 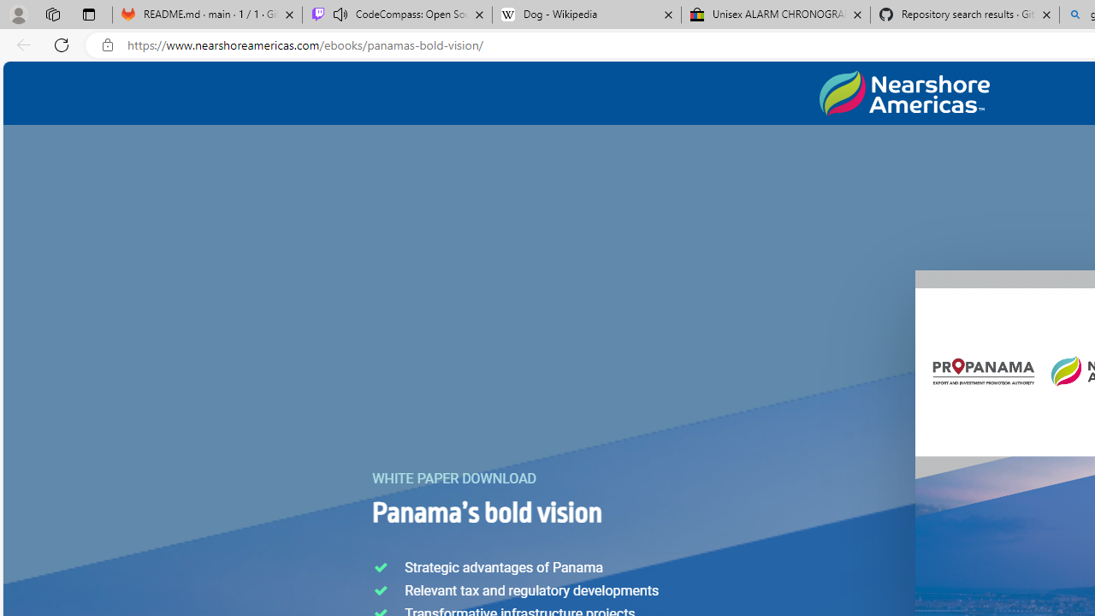 I want to click on 'Mute tab', so click(x=340, y=14).